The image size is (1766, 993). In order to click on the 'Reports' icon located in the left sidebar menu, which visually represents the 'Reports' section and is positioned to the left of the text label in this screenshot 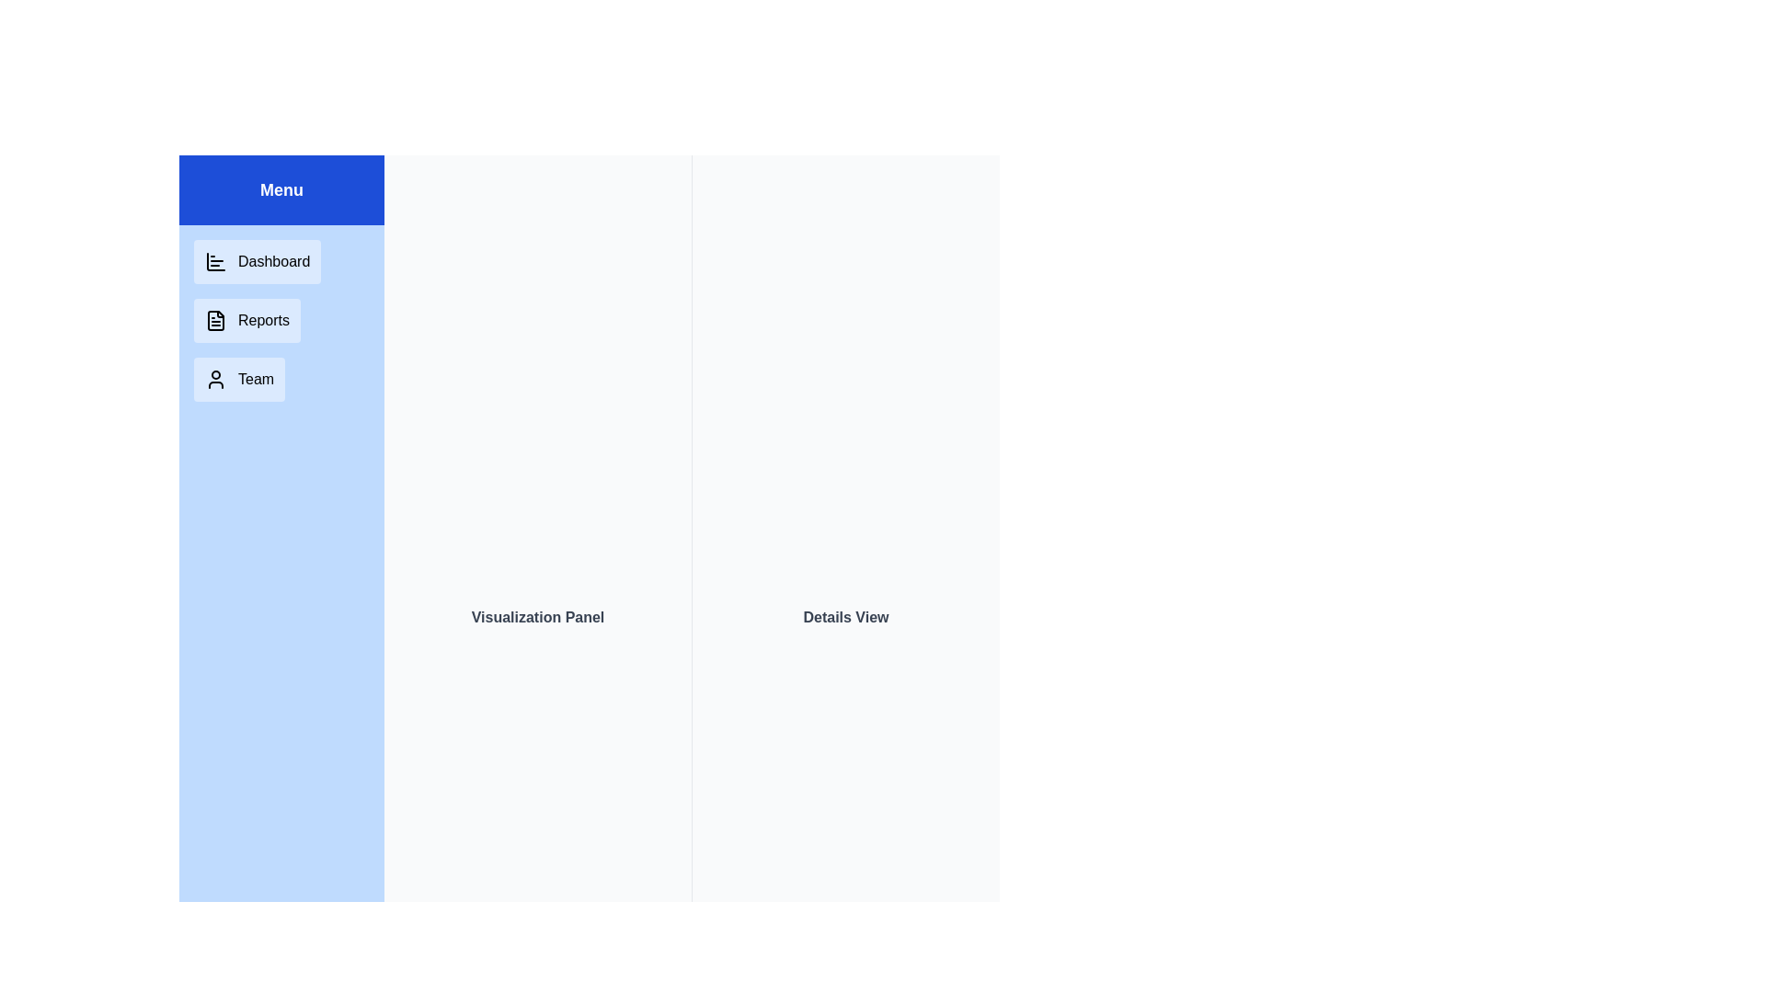, I will do `click(216, 319)`.